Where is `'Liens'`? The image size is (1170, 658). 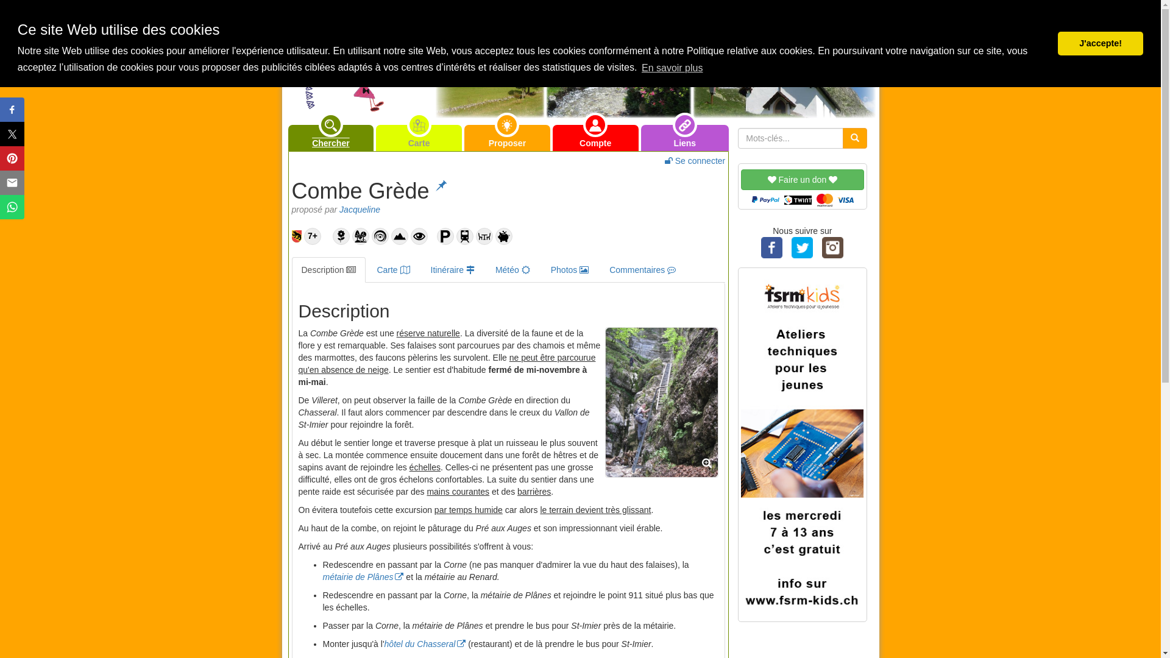
'Liens' is located at coordinates (685, 137).